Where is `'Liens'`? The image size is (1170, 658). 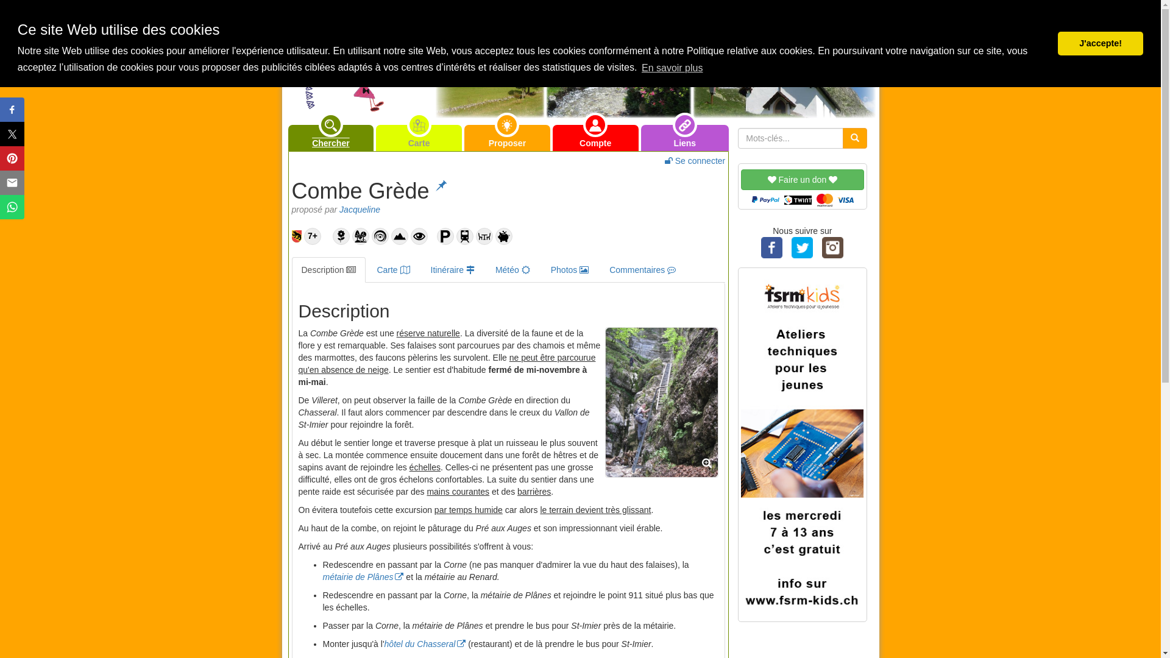
'Liens' is located at coordinates (685, 137).